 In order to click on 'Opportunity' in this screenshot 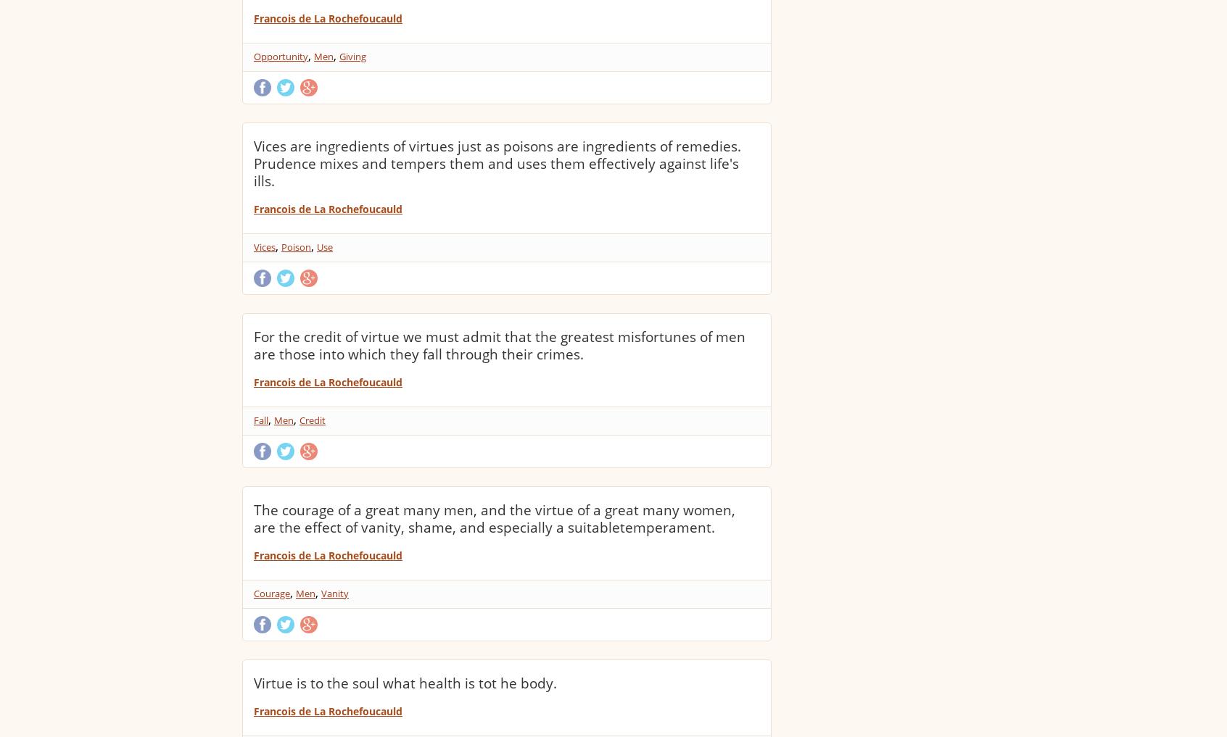, I will do `click(281, 57)`.